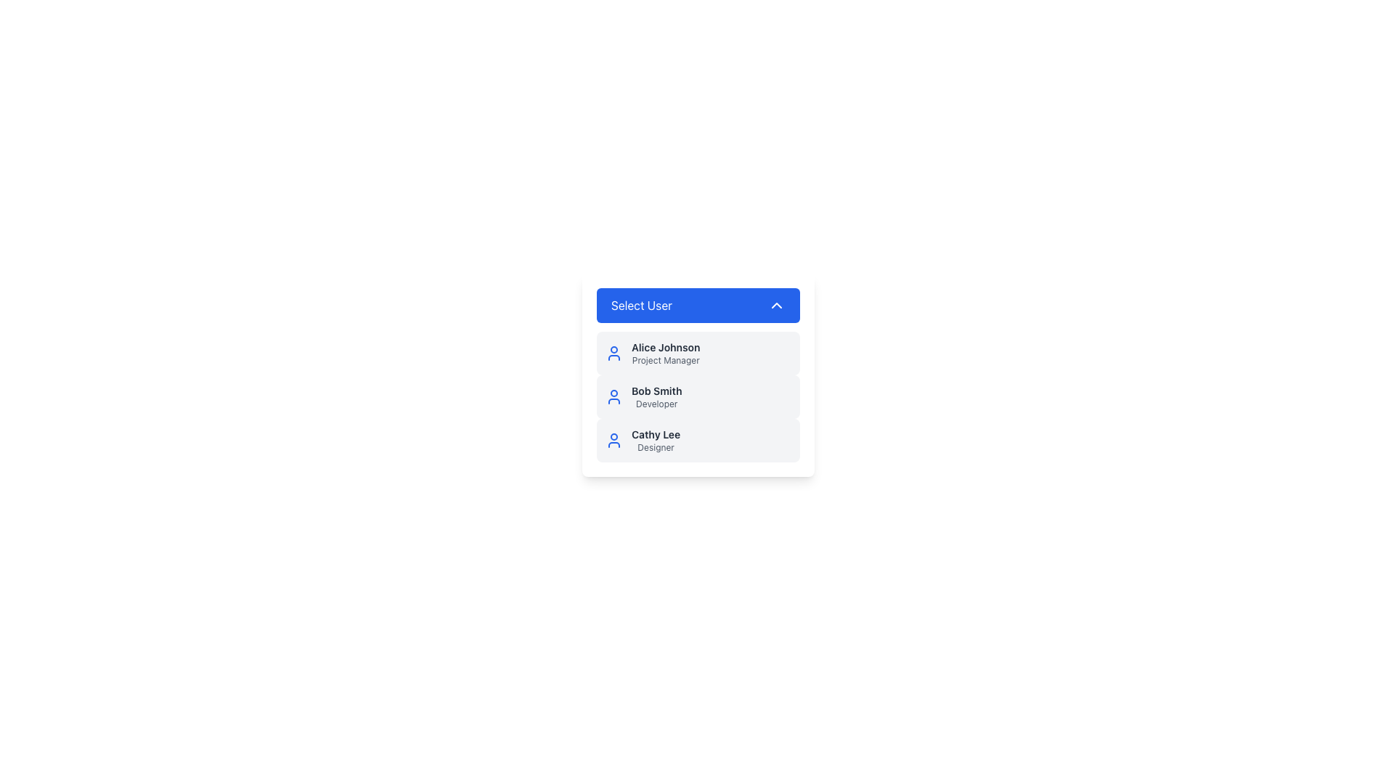 This screenshot has width=1394, height=784. I want to click on the user icon, which is a blue outline of a person within a circle, located in the first row of the dropdown menu next to 'Alice Johnson Project Manager', so click(614, 353).